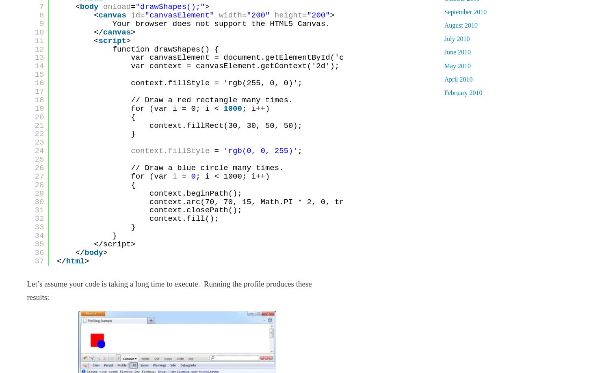  I want to click on 'July 2010', so click(456, 38).